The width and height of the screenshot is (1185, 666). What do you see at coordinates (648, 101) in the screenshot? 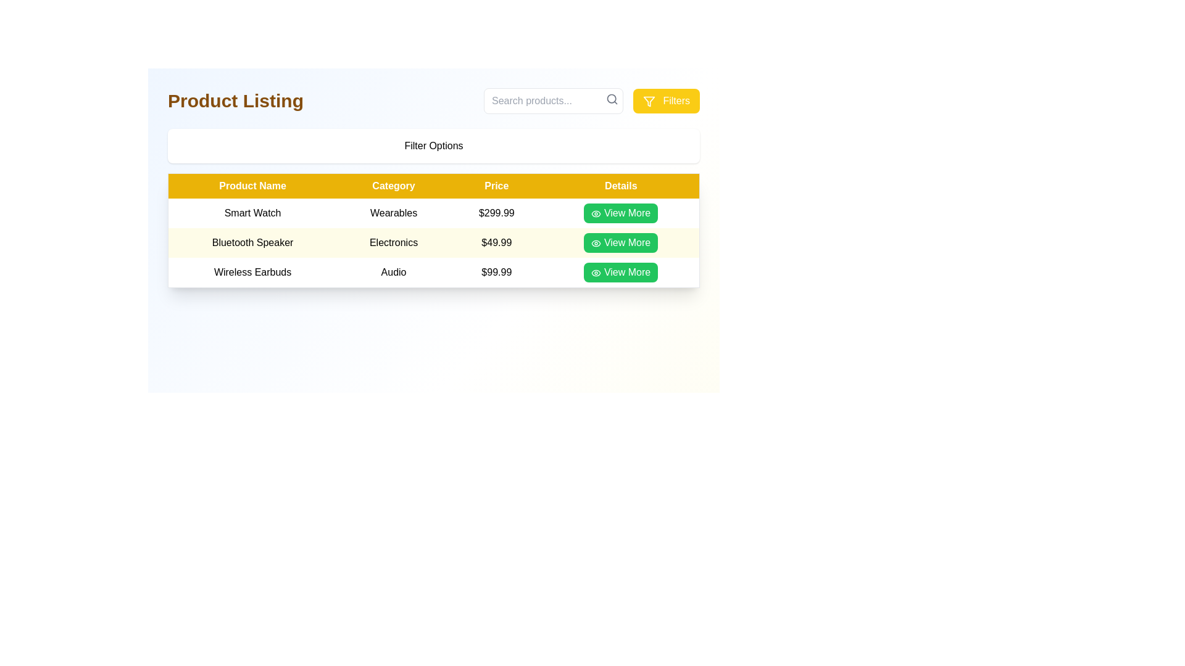
I see `the filter icon located inside the yellow 'Filters' button in the upper right corner of the interface` at bounding box center [648, 101].